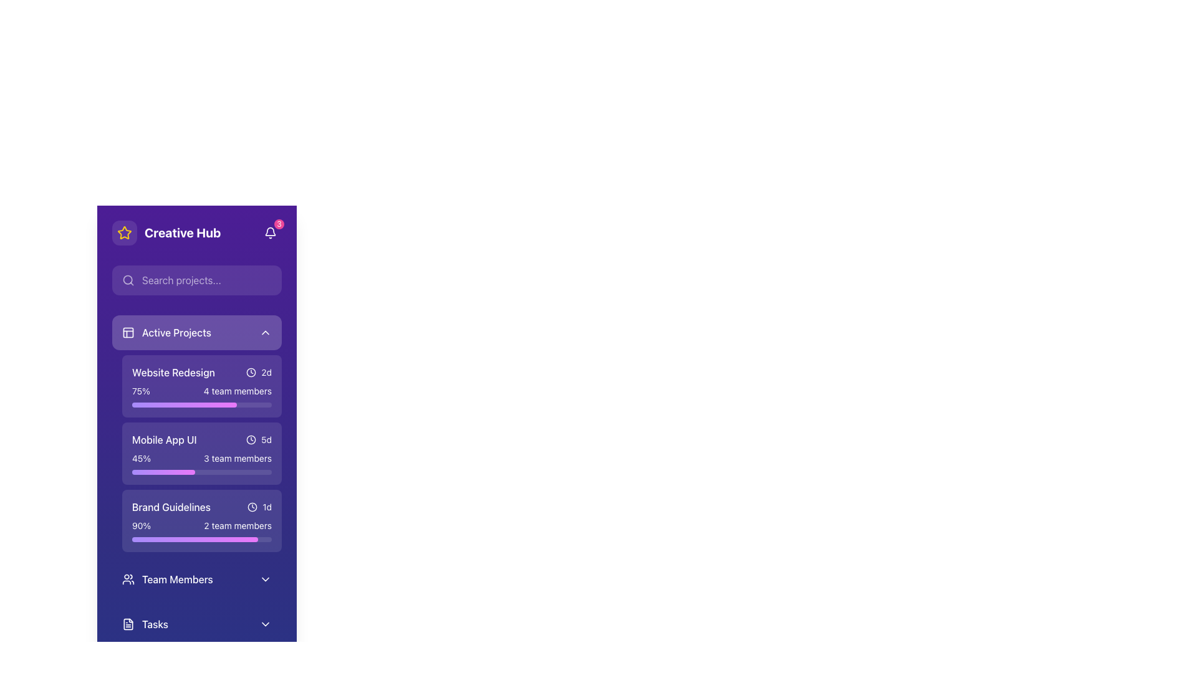  What do you see at coordinates (202, 391) in the screenshot?
I see `the static information display showing 75% project progress and 4 team members in the 'Website Redesign' section of 'Active Projects'` at bounding box center [202, 391].